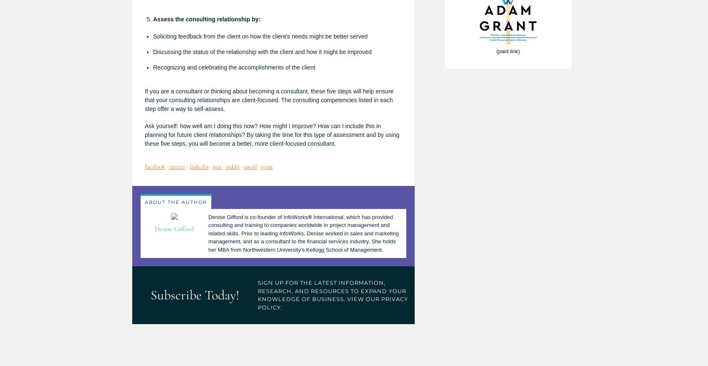 This screenshot has height=366, width=708. Describe the element at coordinates (257, 217) in the screenshot. I see `'Denise Gifford is co-founder of InfoWorks'` at that location.